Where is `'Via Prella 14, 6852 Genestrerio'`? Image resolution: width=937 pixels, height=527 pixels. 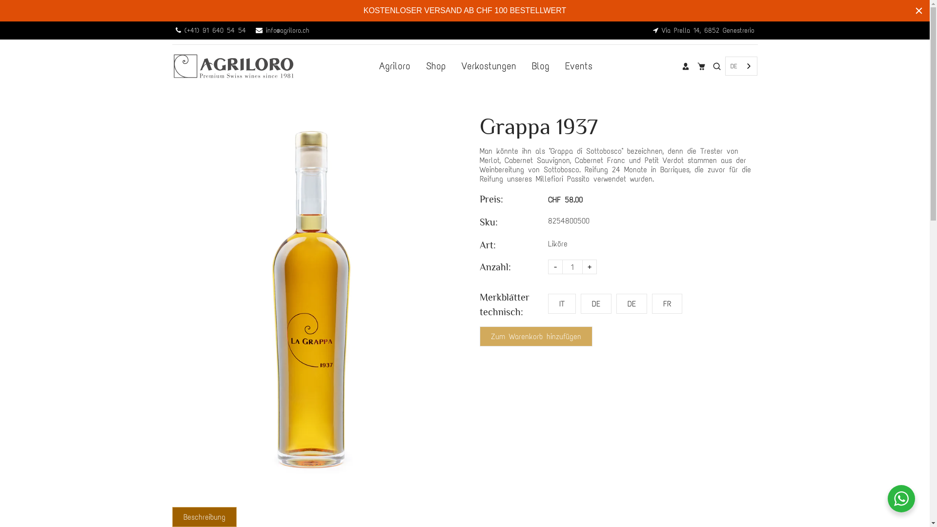 'Via Prella 14, 6852 Genestrerio' is located at coordinates (703, 30).